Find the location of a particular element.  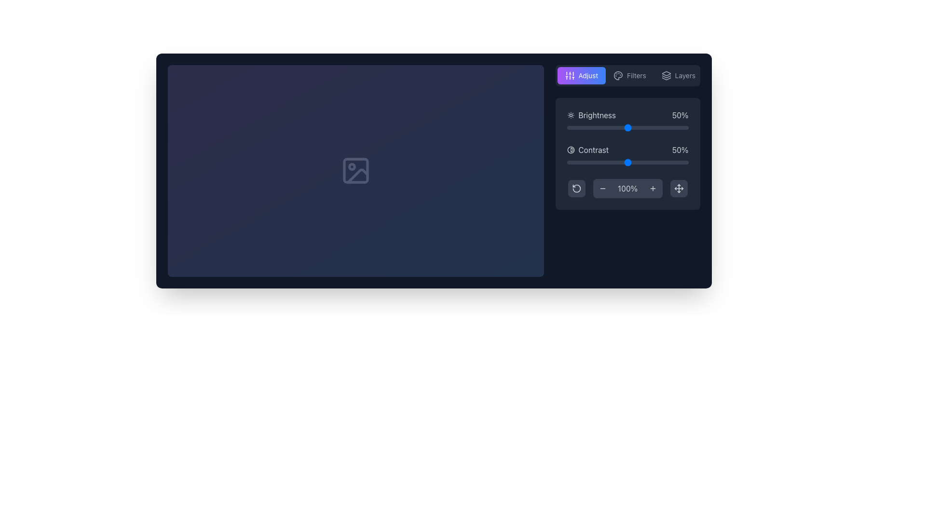

the contrast is located at coordinates (643, 162).